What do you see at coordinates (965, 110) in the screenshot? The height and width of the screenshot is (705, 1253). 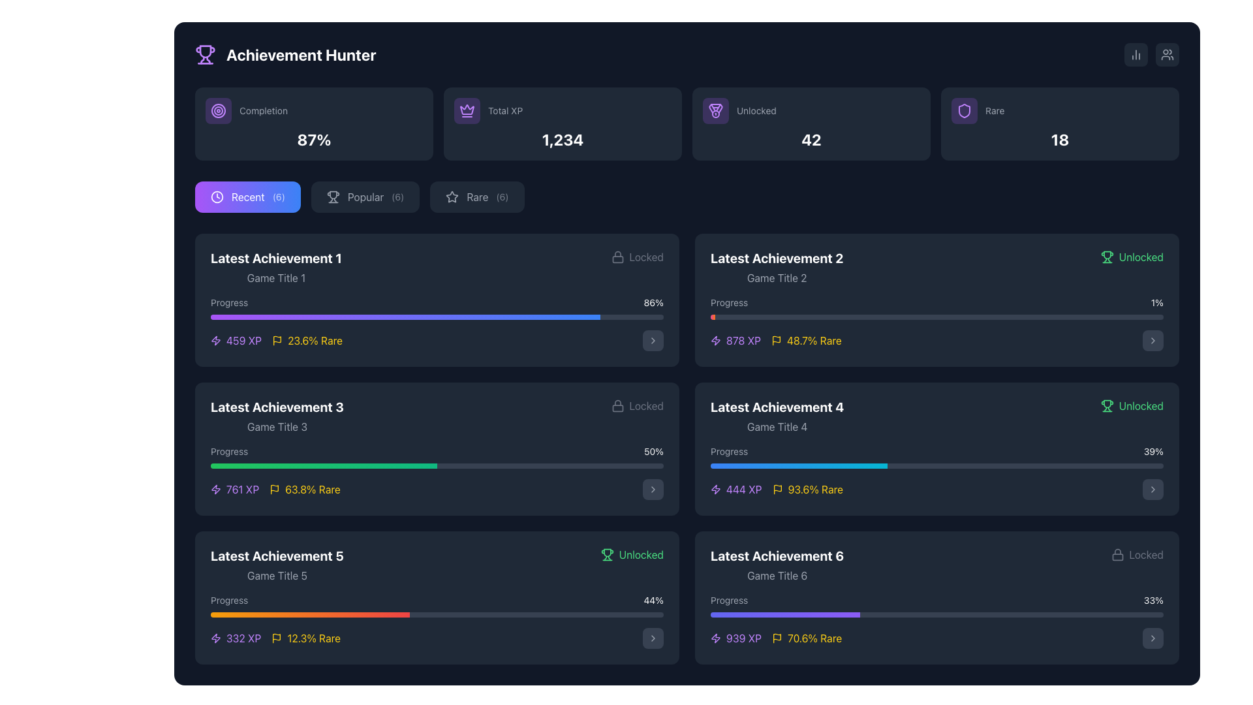 I see `the 'Rare' icon located in the top-right corner of the interface, which visually complements the numerical count of 18` at bounding box center [965, 110].